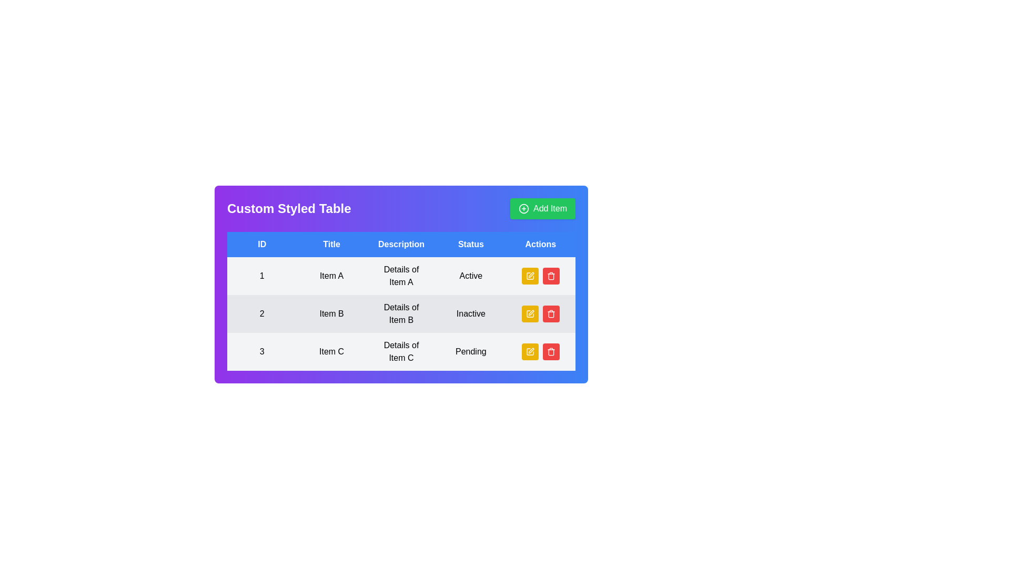 The image size is (1010, 568). I want to click on text of the numeric label displaying the value '3' located in the first column of the third row under the 'ID' column, so click(262, 351).